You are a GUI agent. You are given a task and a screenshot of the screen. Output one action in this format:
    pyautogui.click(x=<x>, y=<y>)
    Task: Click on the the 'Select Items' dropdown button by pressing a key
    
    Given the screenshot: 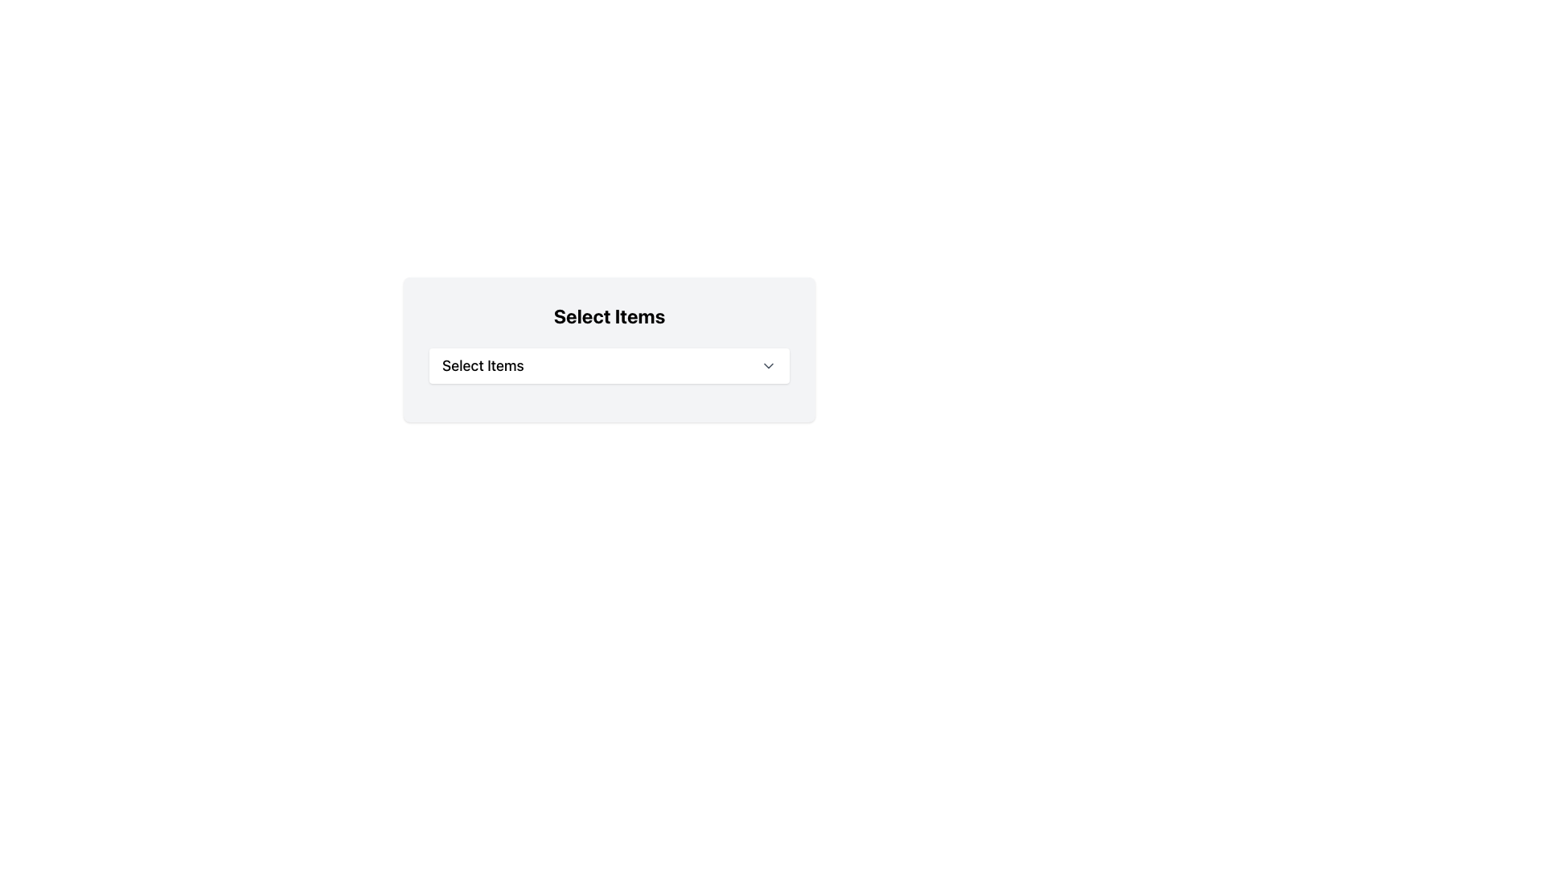 What is the action you would take?
    pyautogui.click(x=609, y=366)
    